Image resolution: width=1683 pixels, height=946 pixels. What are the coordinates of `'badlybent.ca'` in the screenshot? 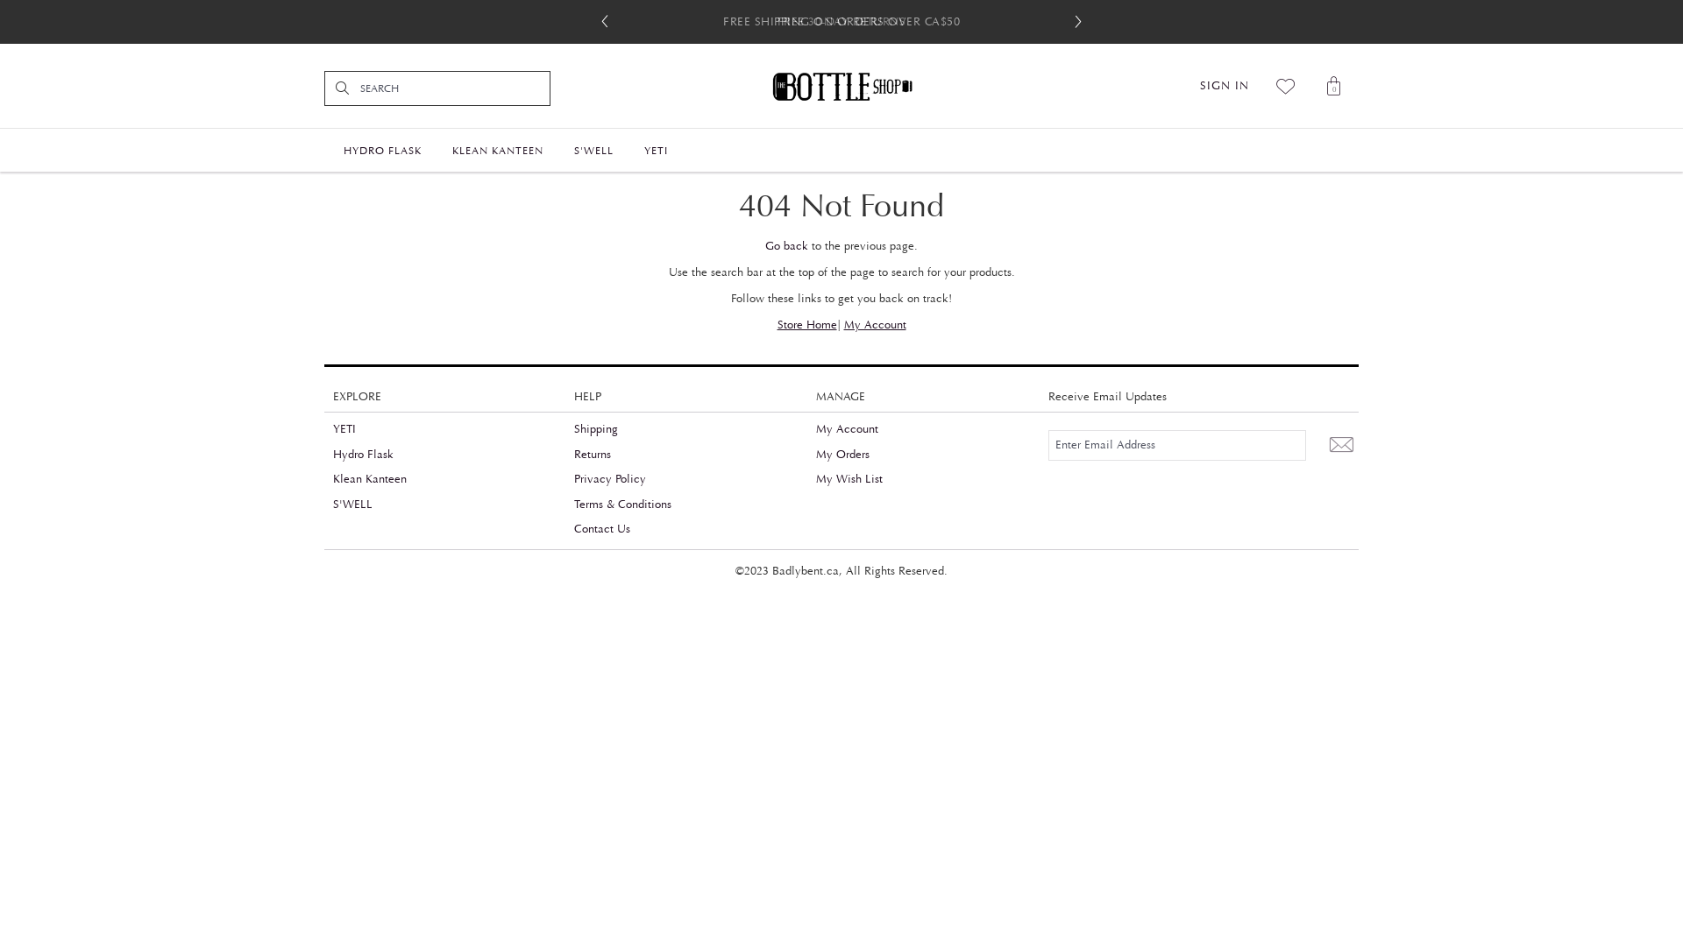 It's located at (841, 85).